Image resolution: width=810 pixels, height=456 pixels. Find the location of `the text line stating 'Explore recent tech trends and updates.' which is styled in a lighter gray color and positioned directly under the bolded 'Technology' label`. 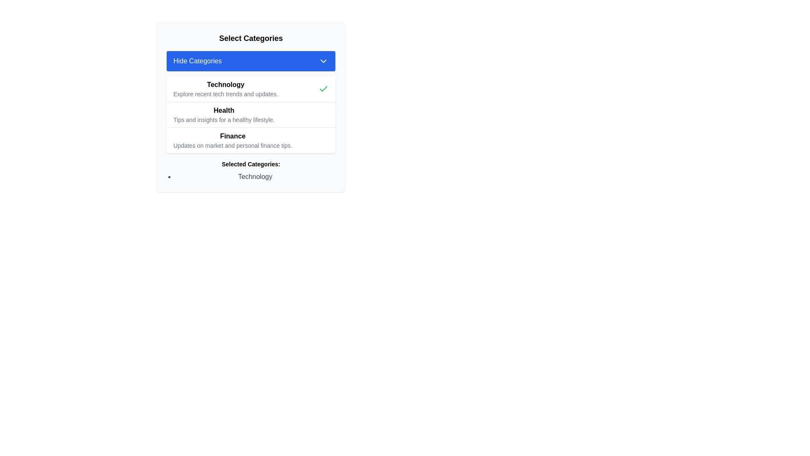

the text line stating 'Explore recent tech trends and updates.' which is styled in a lighter gray color and positioned directly under the bolded 'Technology' label is located at coordinates (226, 94).